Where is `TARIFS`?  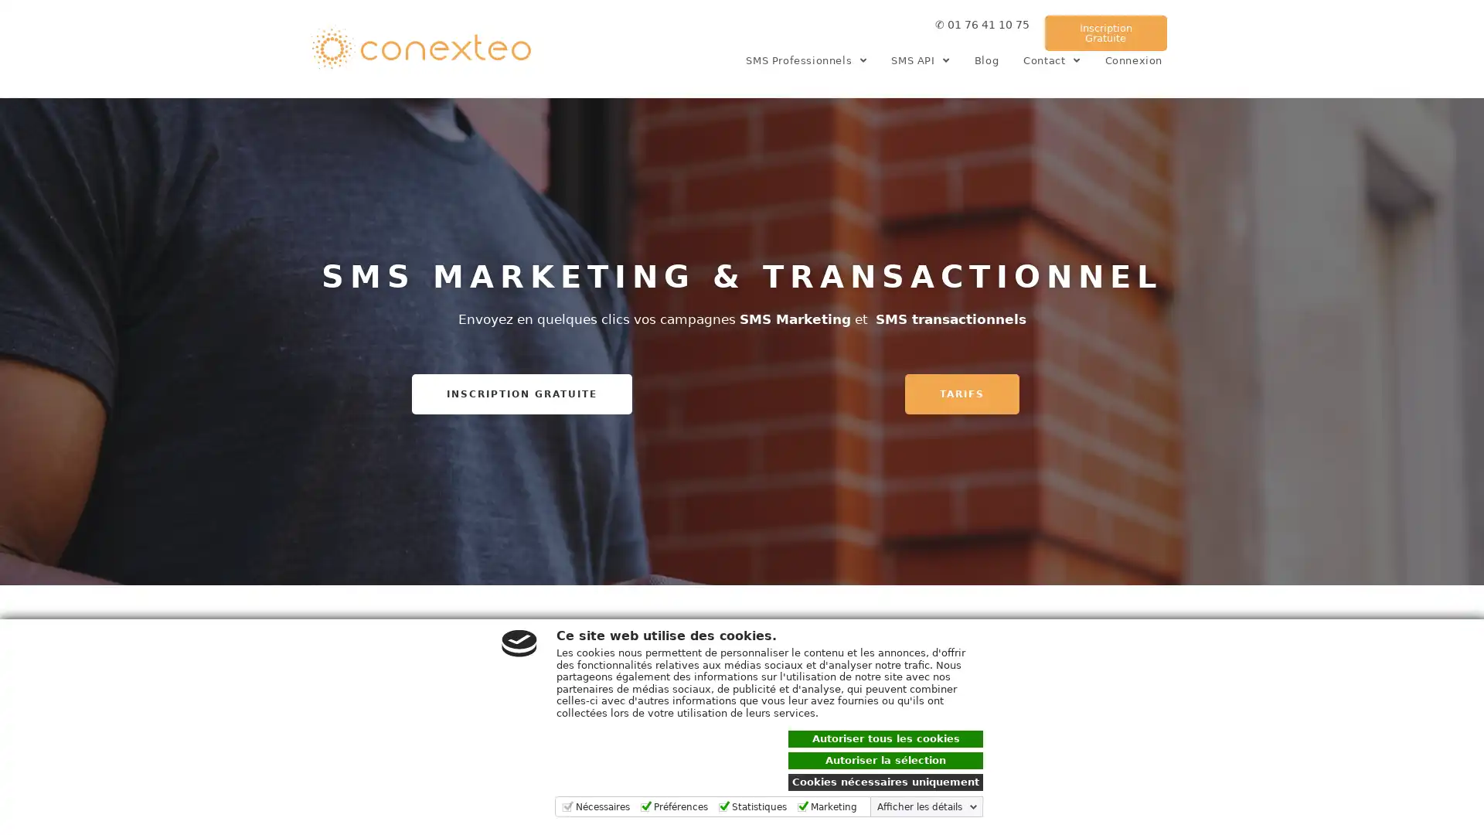 TARIFS is located at coordinates (961, 393).